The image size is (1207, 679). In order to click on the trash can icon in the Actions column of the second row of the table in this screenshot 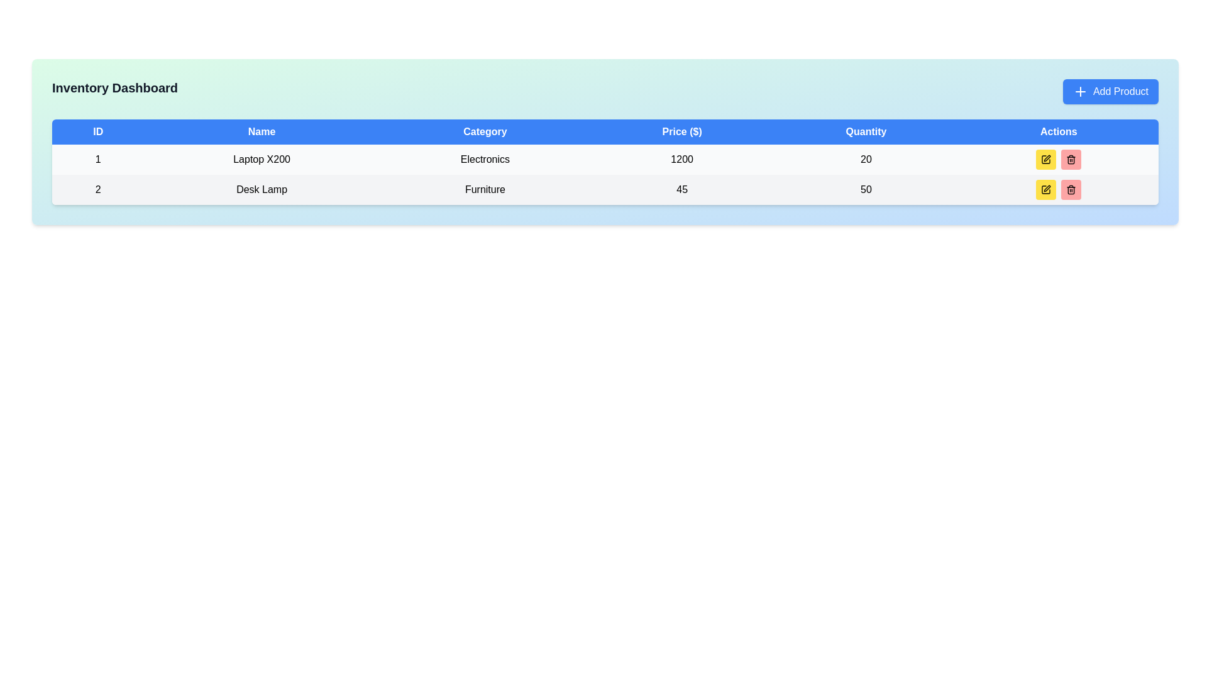, I will do `click(1071, 189)`.